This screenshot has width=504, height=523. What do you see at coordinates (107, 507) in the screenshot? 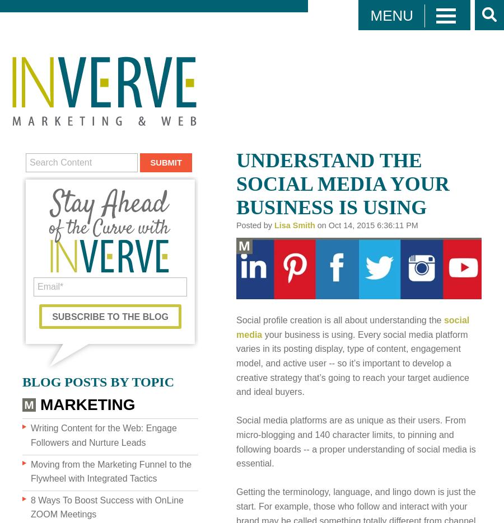
I see `'8 Ways To Boost Success with OnLine ZOOM Meetings'` at bounding box center [107, 507].